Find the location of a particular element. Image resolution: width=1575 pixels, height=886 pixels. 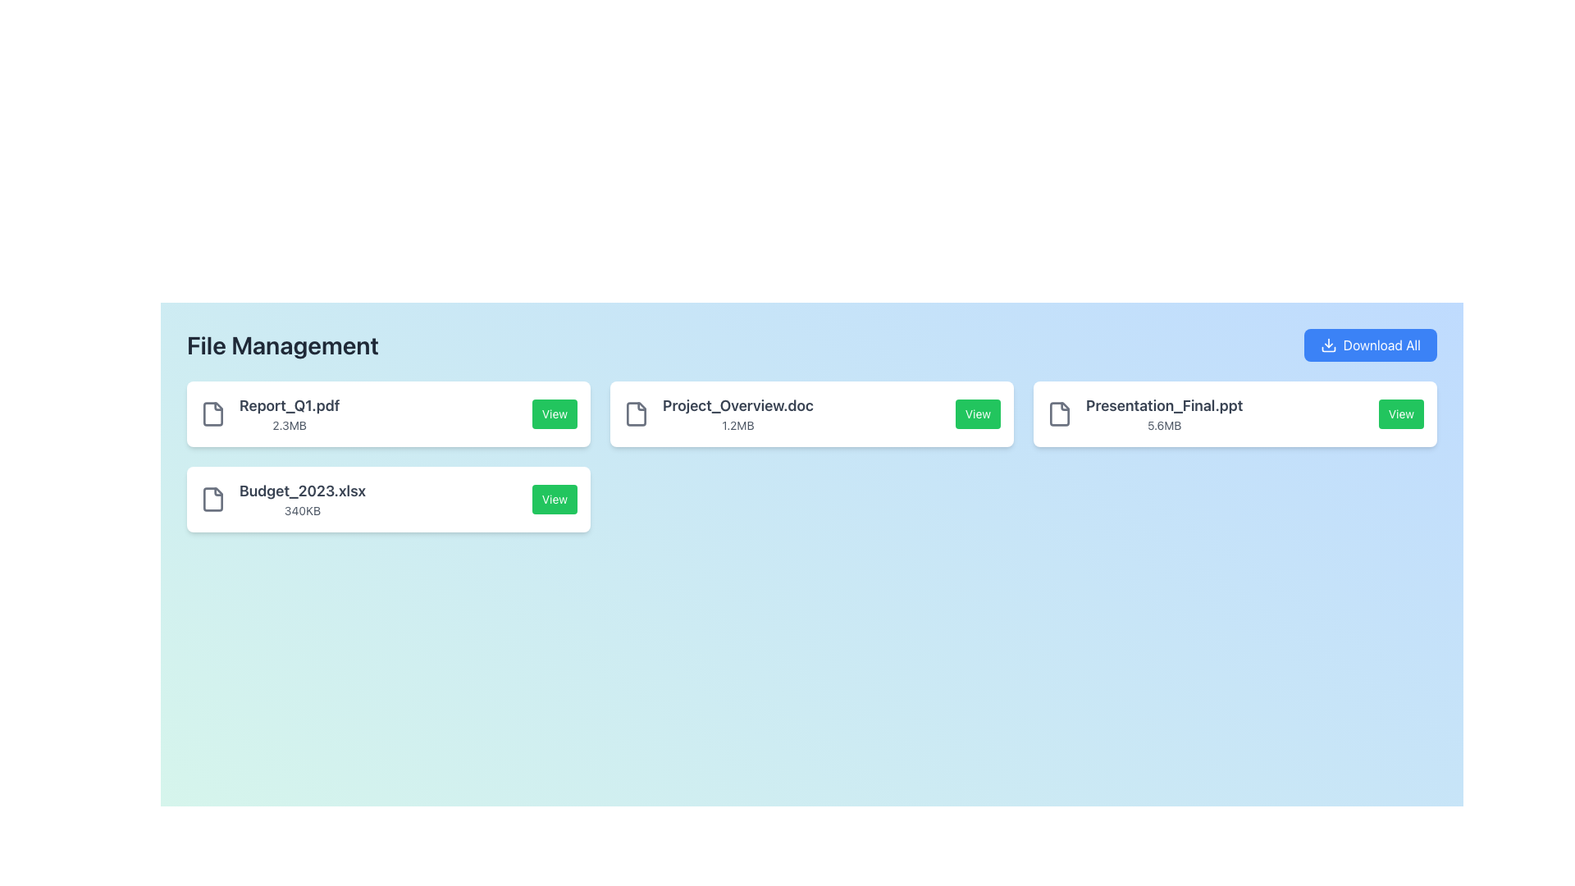

the Text Display with Icon that shows the document file 'Report_Q1.pdf' and its size '2.3MB', located in the upper-left corner of the file display section is located at coordinates (270, 413).